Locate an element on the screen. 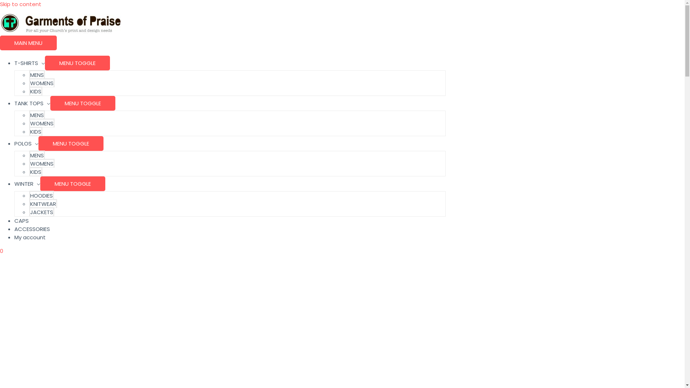 Image resolution: width=690 pixels, height=388 pixels. 'MENU TOGGLE' is located at coordinates (77, 63).